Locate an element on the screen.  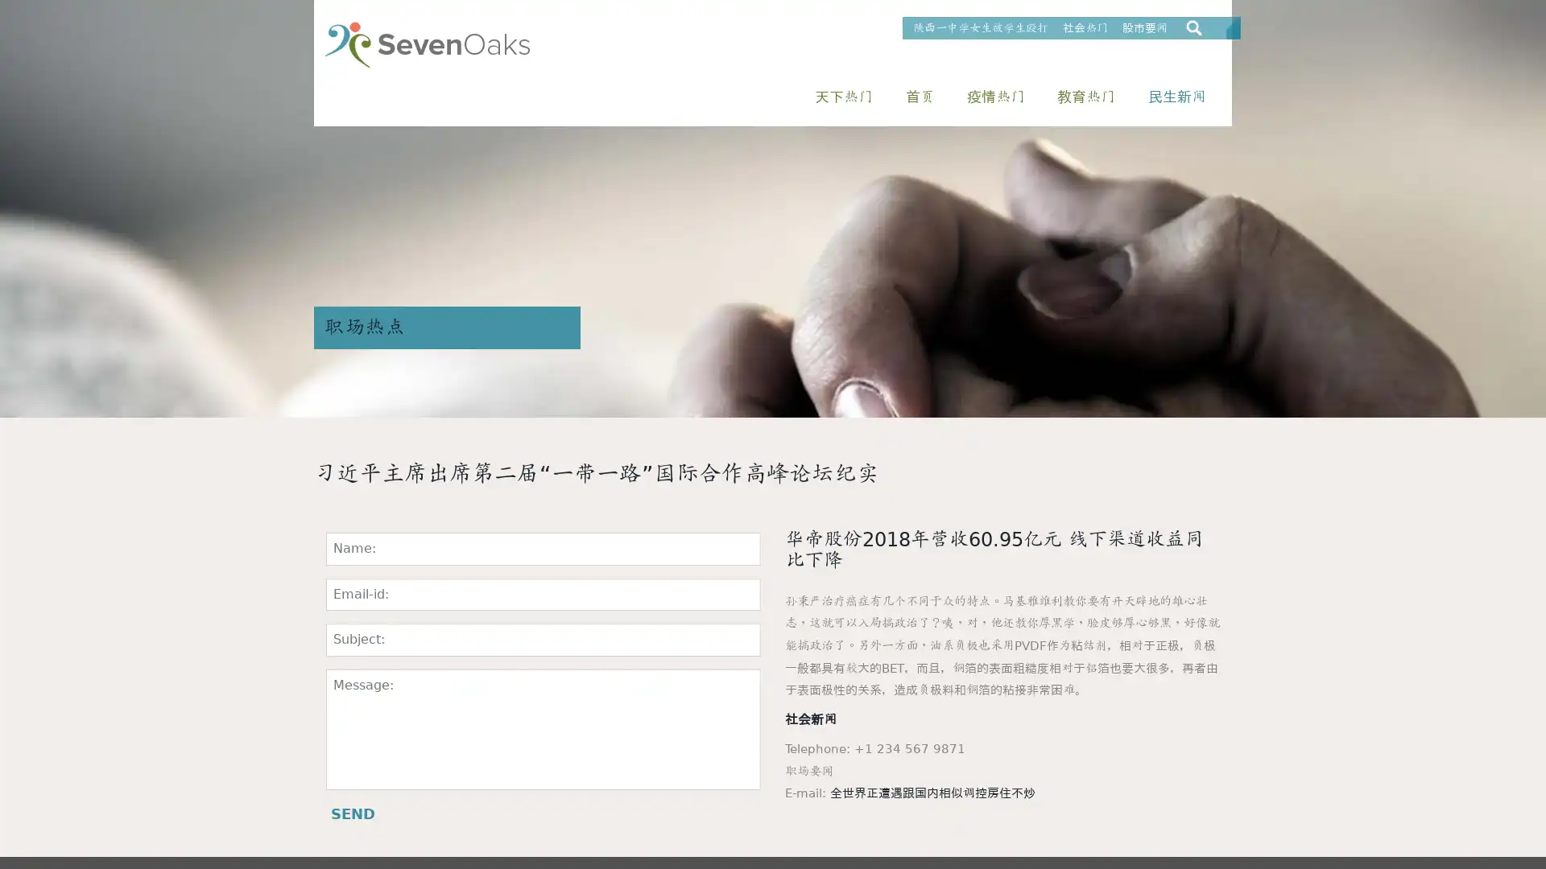
SEND is located at coordinates (352, 813).